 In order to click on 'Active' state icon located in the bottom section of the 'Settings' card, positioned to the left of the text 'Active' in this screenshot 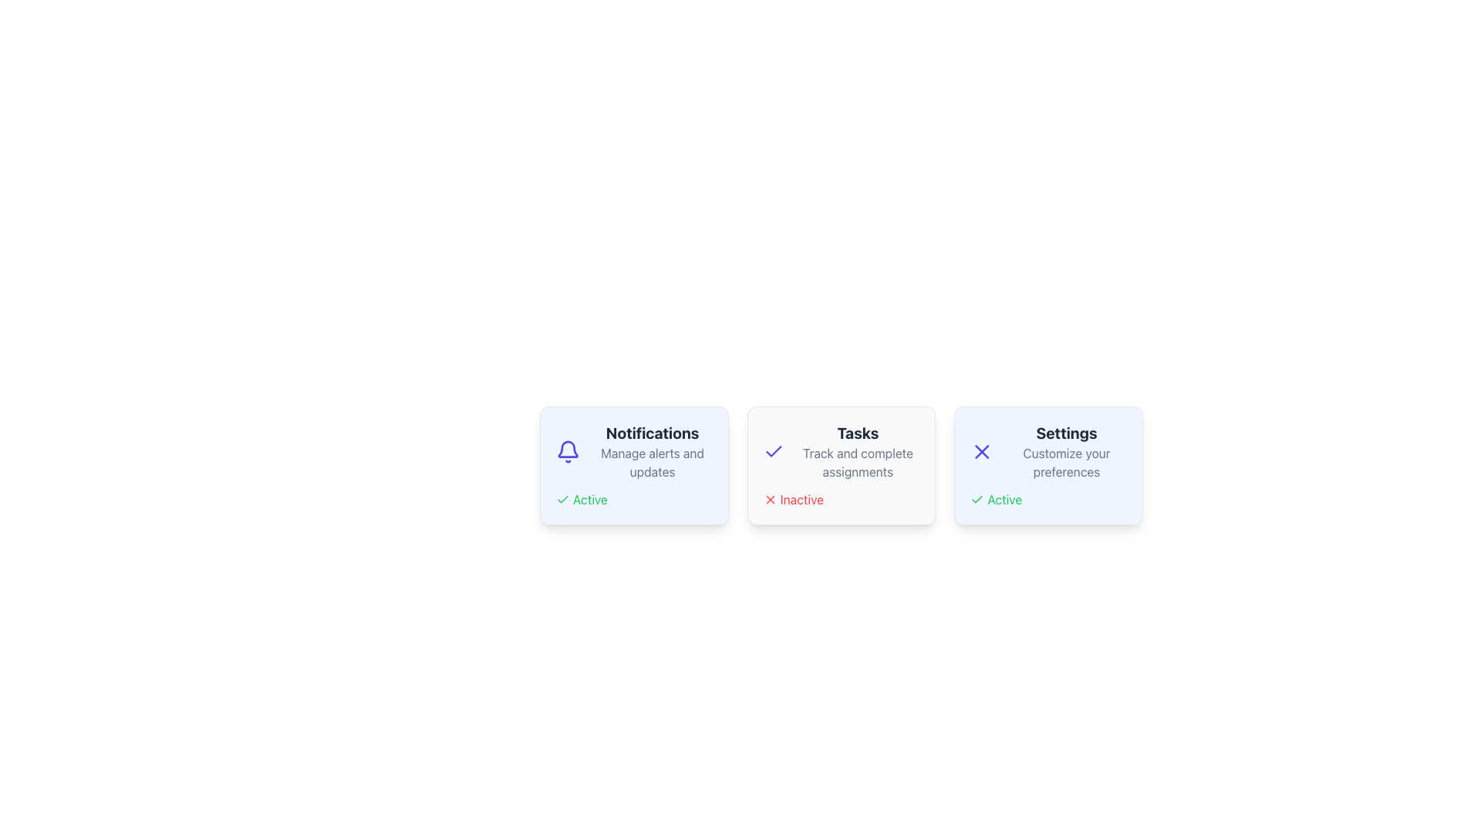, I will do `click(977, 500)`.